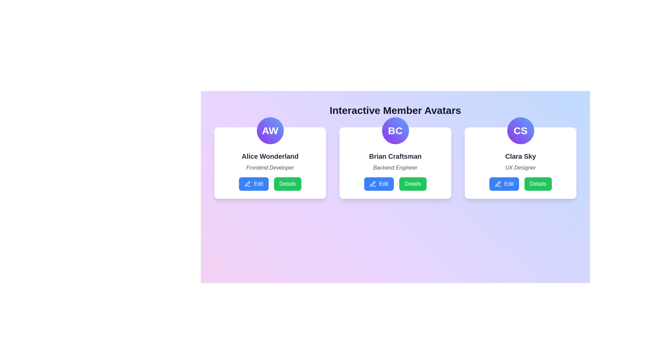 This screenshot has width=648, height=364. What do you see at coordinates (520, 167) in the screenshot?
I see `the Text Label that describes the user's role or job title, located below 'Clara Sky' and above the 'Edit' and 'Details' buttons in the rightmost profile card` at bounding box center [520, 167].